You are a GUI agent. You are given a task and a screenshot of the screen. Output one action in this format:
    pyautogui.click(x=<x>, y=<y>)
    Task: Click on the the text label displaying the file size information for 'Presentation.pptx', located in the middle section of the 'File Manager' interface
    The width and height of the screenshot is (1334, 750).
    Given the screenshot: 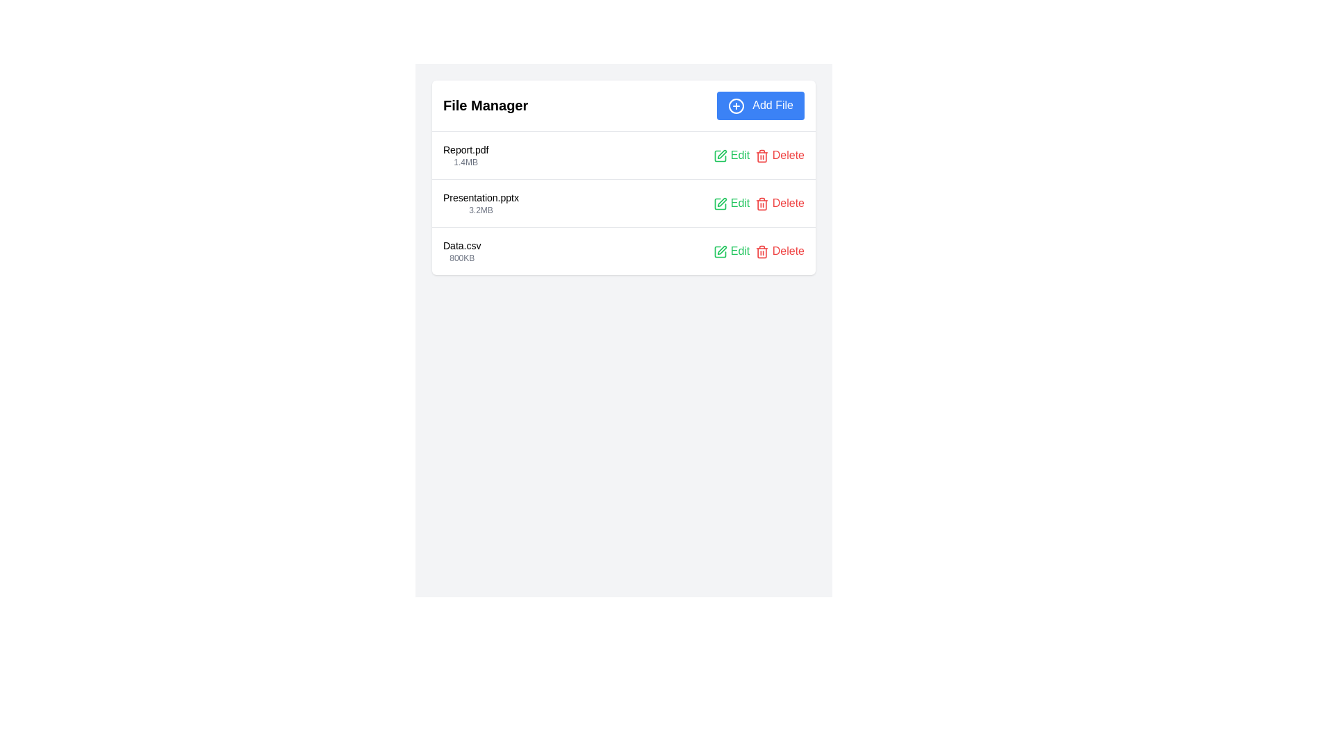 What is the action you would take?
    pyautogui.click(x=481, y=210)
    